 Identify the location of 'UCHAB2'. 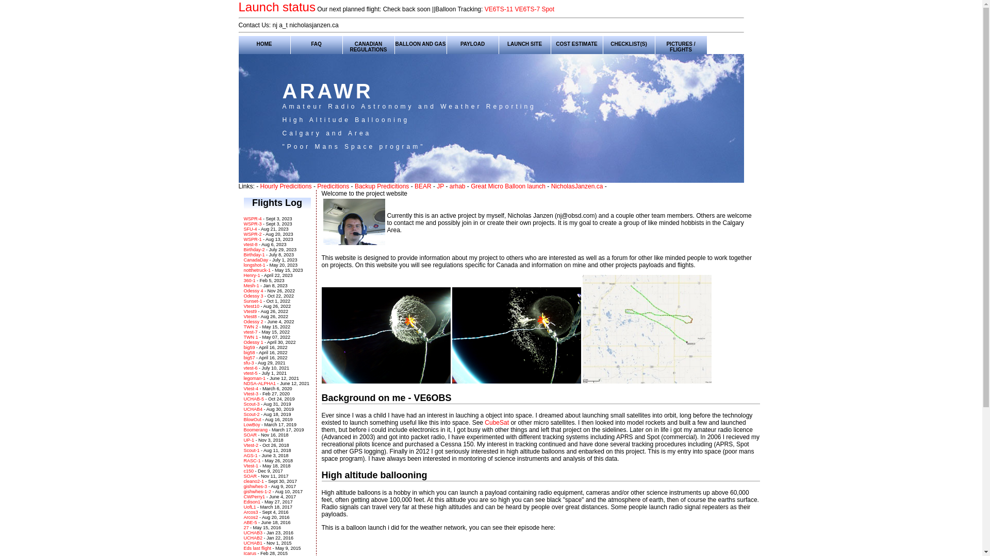
(253, 537).